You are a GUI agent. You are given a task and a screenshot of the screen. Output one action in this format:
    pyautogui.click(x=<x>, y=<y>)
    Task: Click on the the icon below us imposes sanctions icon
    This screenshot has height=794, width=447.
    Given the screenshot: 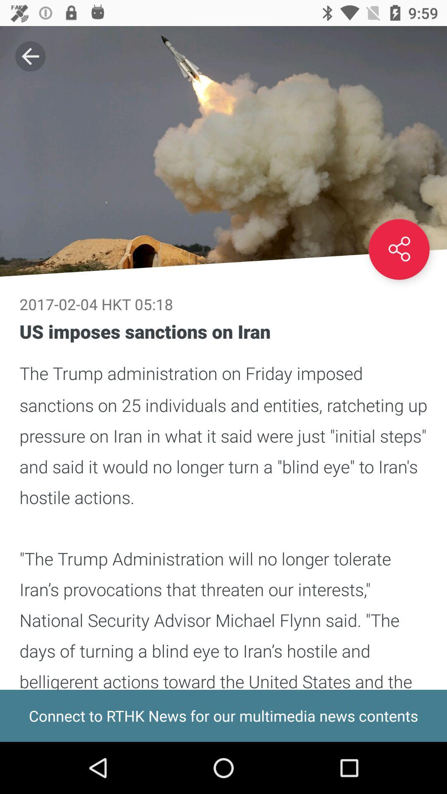 What is the action you would take?
    pyautogui.click(x=223, y=715)
    